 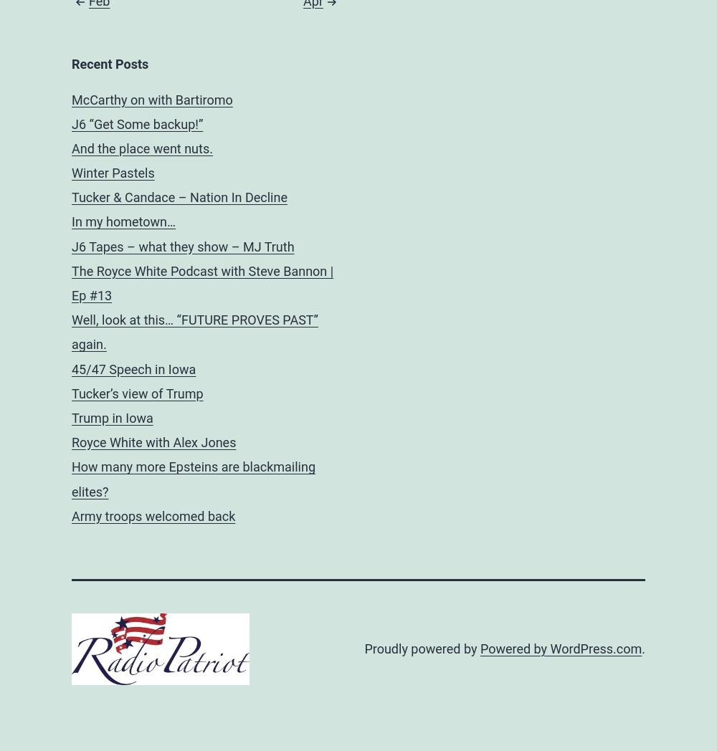 I want to click on 'Tucker’s view of Trump', so click(x=136, y=392).